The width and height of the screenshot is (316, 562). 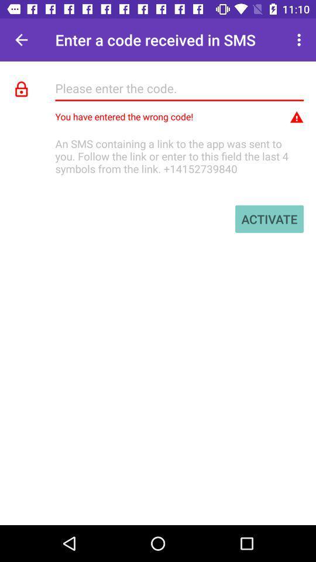 What do you see at coordinates (179, 87) in the screenshot?
I see `field to enter information` at bounding box center [179, 87].